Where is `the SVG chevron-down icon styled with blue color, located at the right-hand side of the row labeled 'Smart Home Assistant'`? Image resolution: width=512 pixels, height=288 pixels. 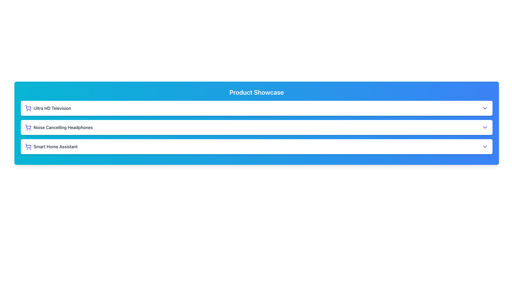 the SVG chevron-down icon styled with blue color, located at the right-hand side of the row labeled 'Smart Home Assistant' is located at coordinates (485, 147).